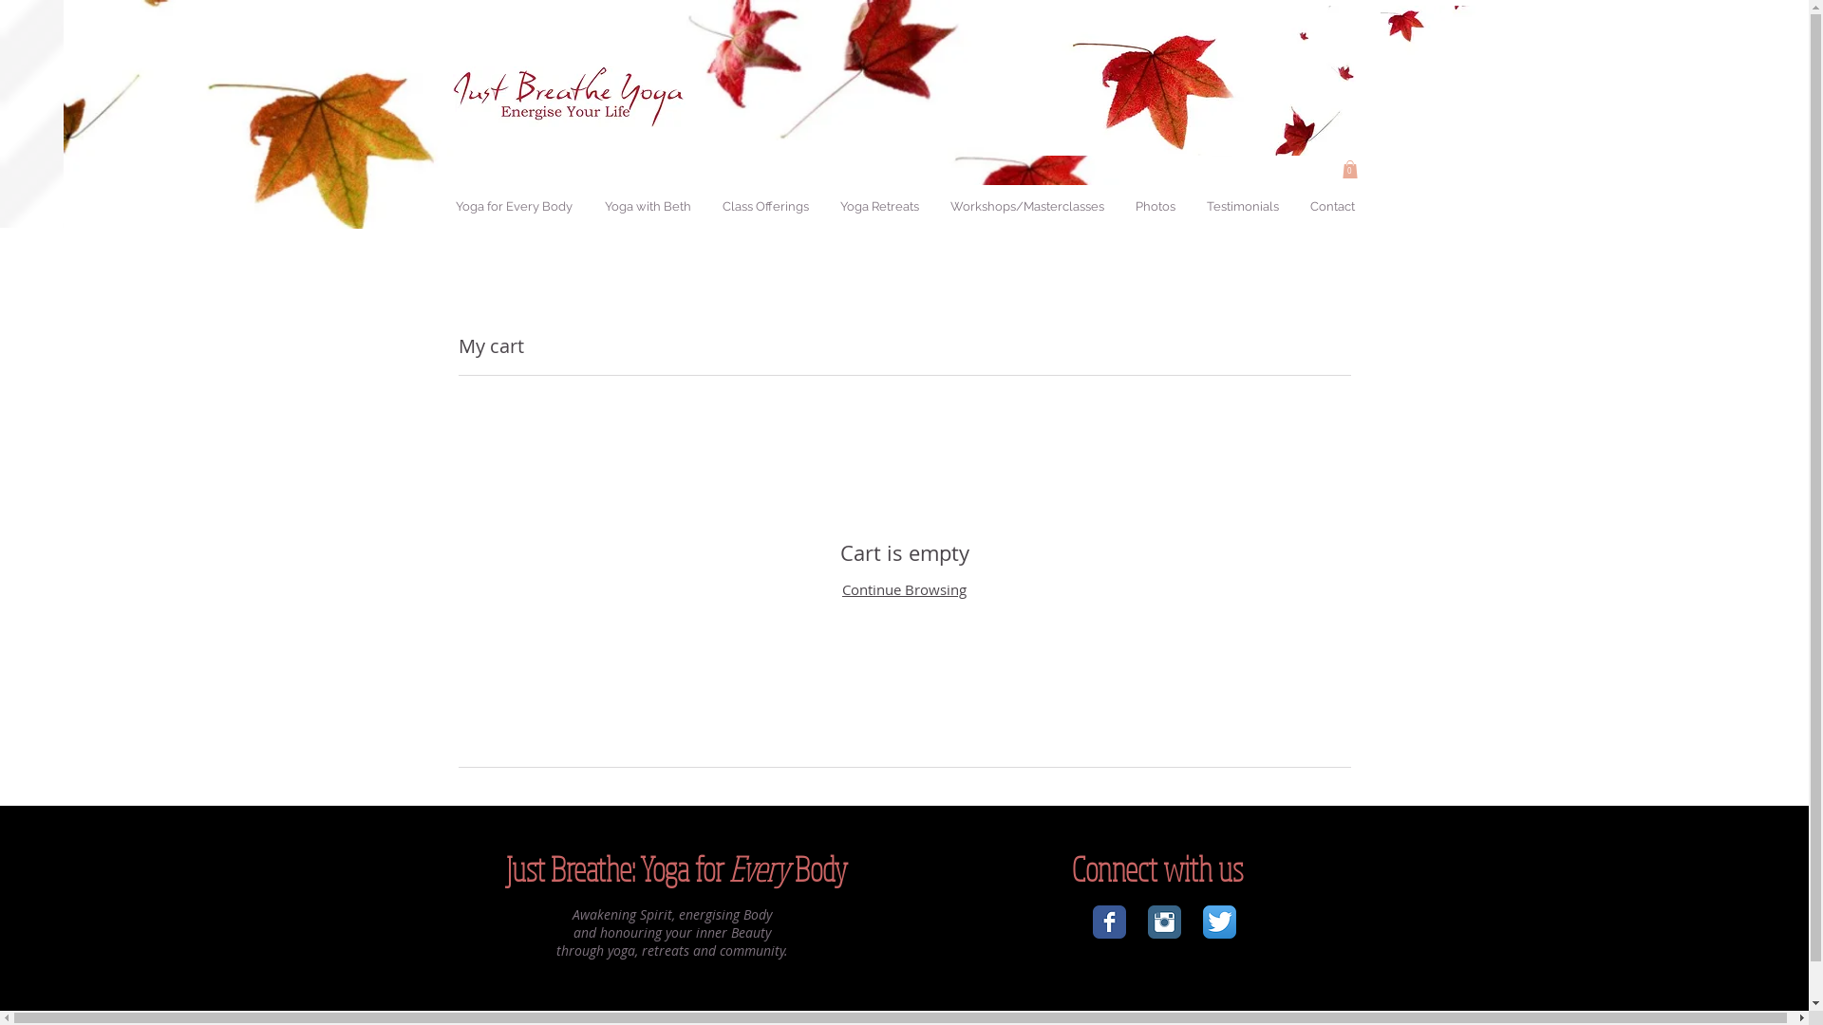 The height and width of the screenshot is (1025, 1823). What do you see at coordinates (647, 207) in the screenshot?
I see `'Yoga with Beth'` at bounding box center [647, 207].